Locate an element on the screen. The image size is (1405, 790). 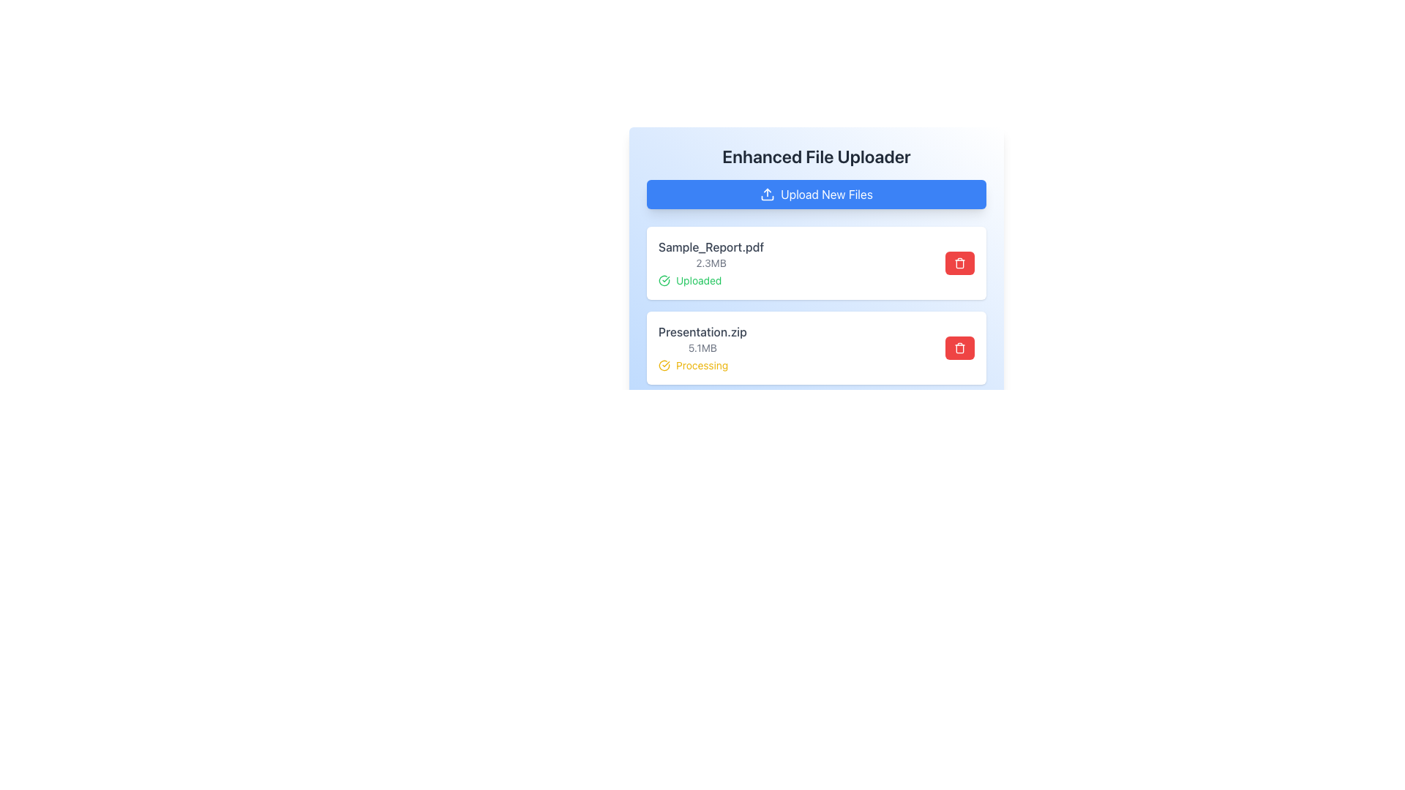
the processing status icon located to the left of the text 'Processing' in the second file row of the interface is located at coordinates (663, 365).